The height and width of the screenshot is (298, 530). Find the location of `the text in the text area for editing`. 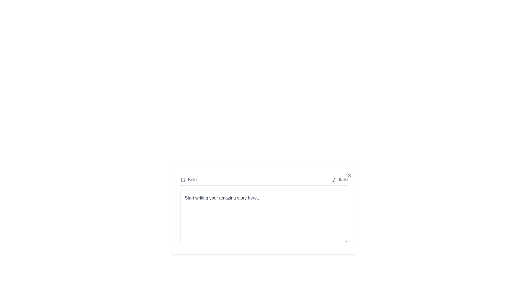

the text in the text area for editing is located at coordinates (180, 190).